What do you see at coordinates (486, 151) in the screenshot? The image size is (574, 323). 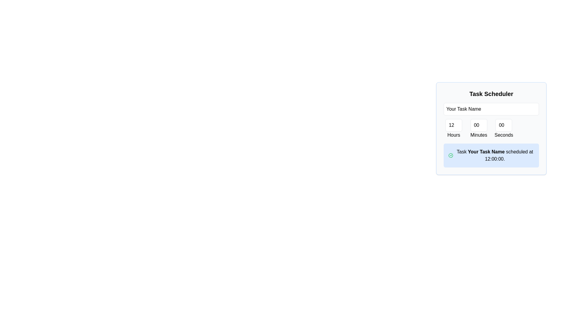 I see `the static text label indicating the user-defined task name within the notification in the task scheduler interface` at bounding box center [486, 151].